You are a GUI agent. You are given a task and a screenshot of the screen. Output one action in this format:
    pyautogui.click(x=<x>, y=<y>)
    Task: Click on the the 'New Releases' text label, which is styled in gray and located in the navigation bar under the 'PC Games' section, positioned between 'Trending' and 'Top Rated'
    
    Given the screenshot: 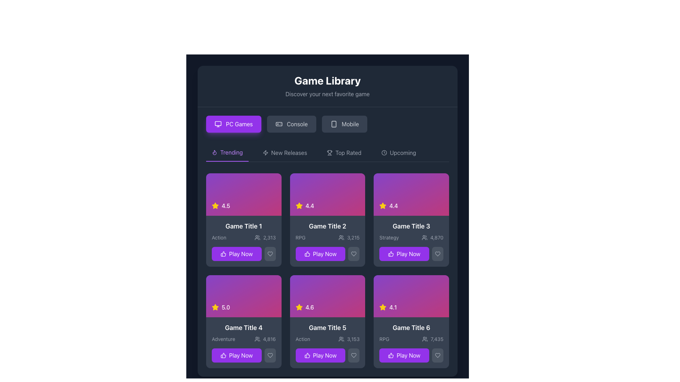 What is the action you would take?
    pyautogui.click(x=289, y=152)
    